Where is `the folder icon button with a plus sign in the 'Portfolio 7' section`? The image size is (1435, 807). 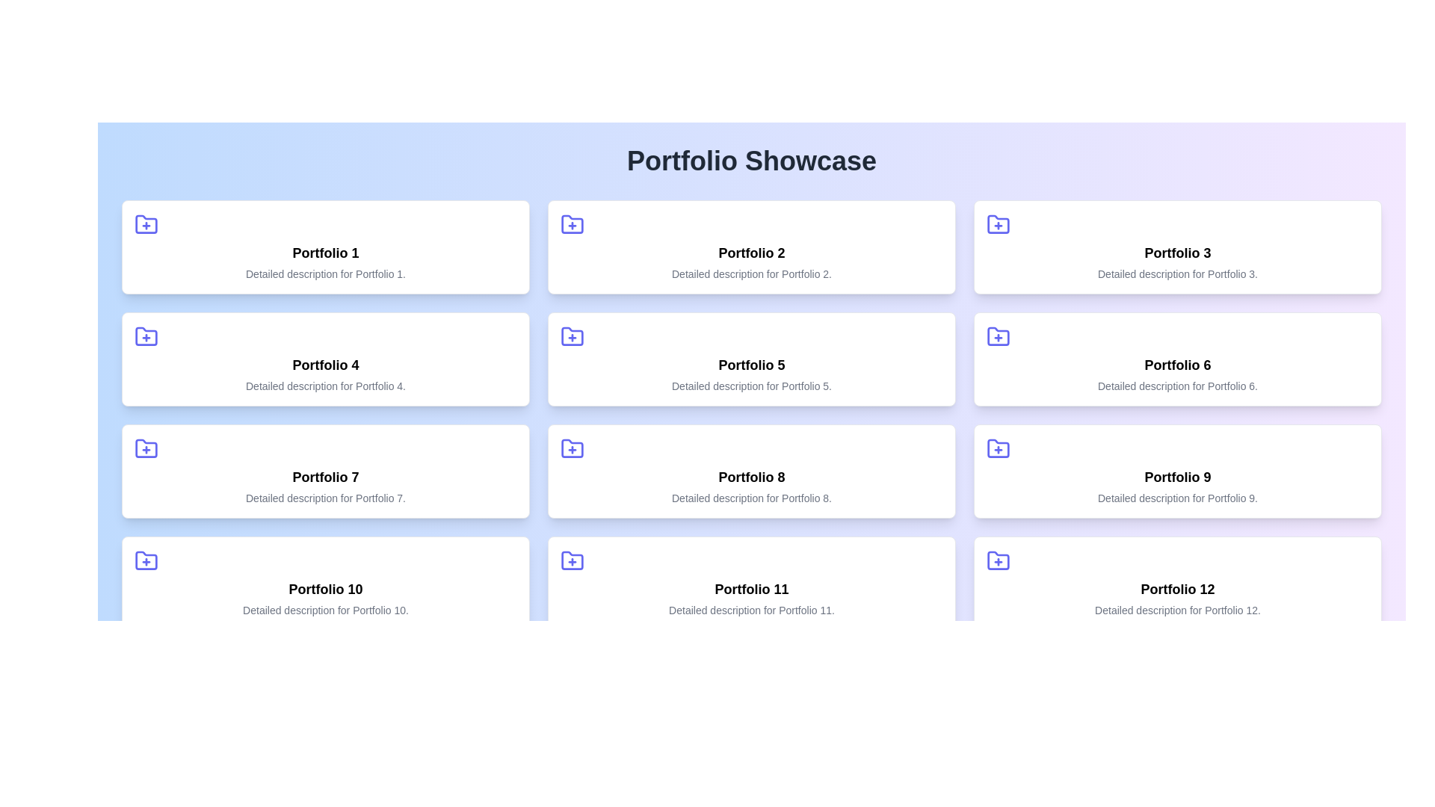
the folder icon button with a plus sign in the 'Portfolio 7' section is located at coordinates (146, 448).